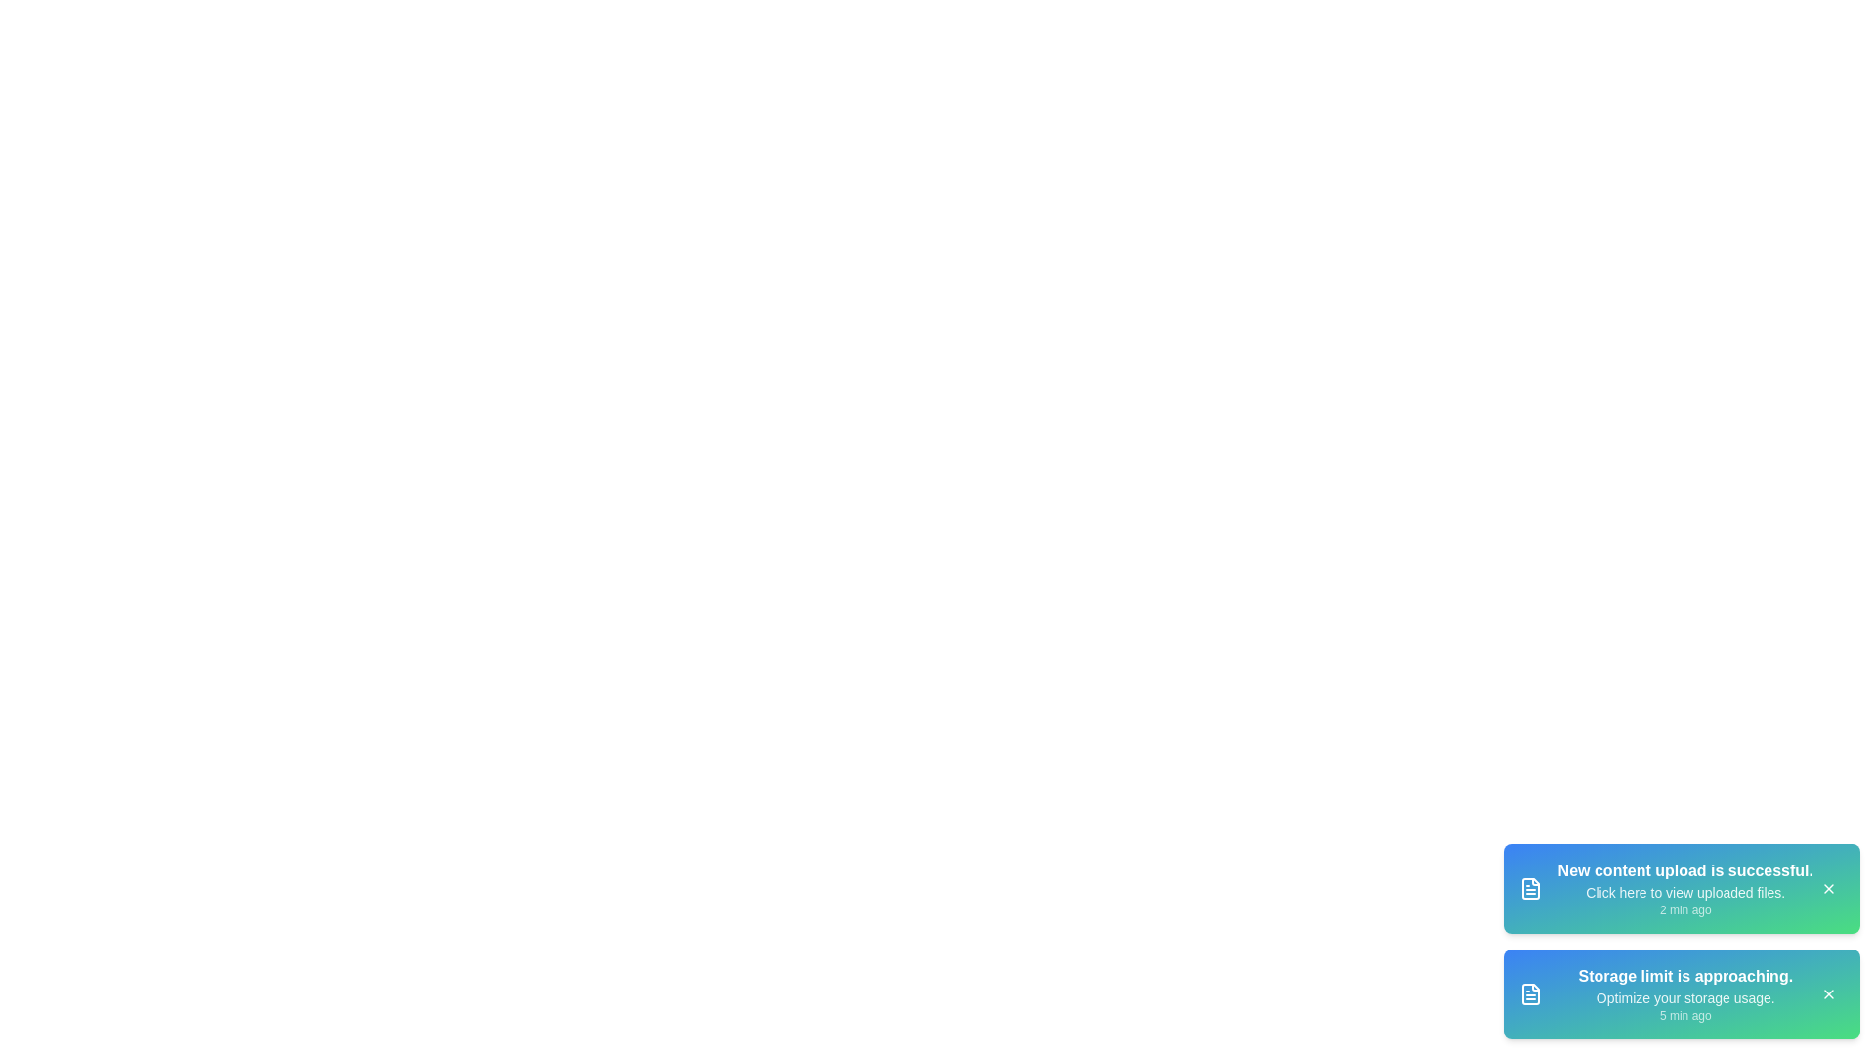 This screenshot has width=1876, height=1055. I want to click on the close button of the notification to dismiss it, so click(1828, 889).